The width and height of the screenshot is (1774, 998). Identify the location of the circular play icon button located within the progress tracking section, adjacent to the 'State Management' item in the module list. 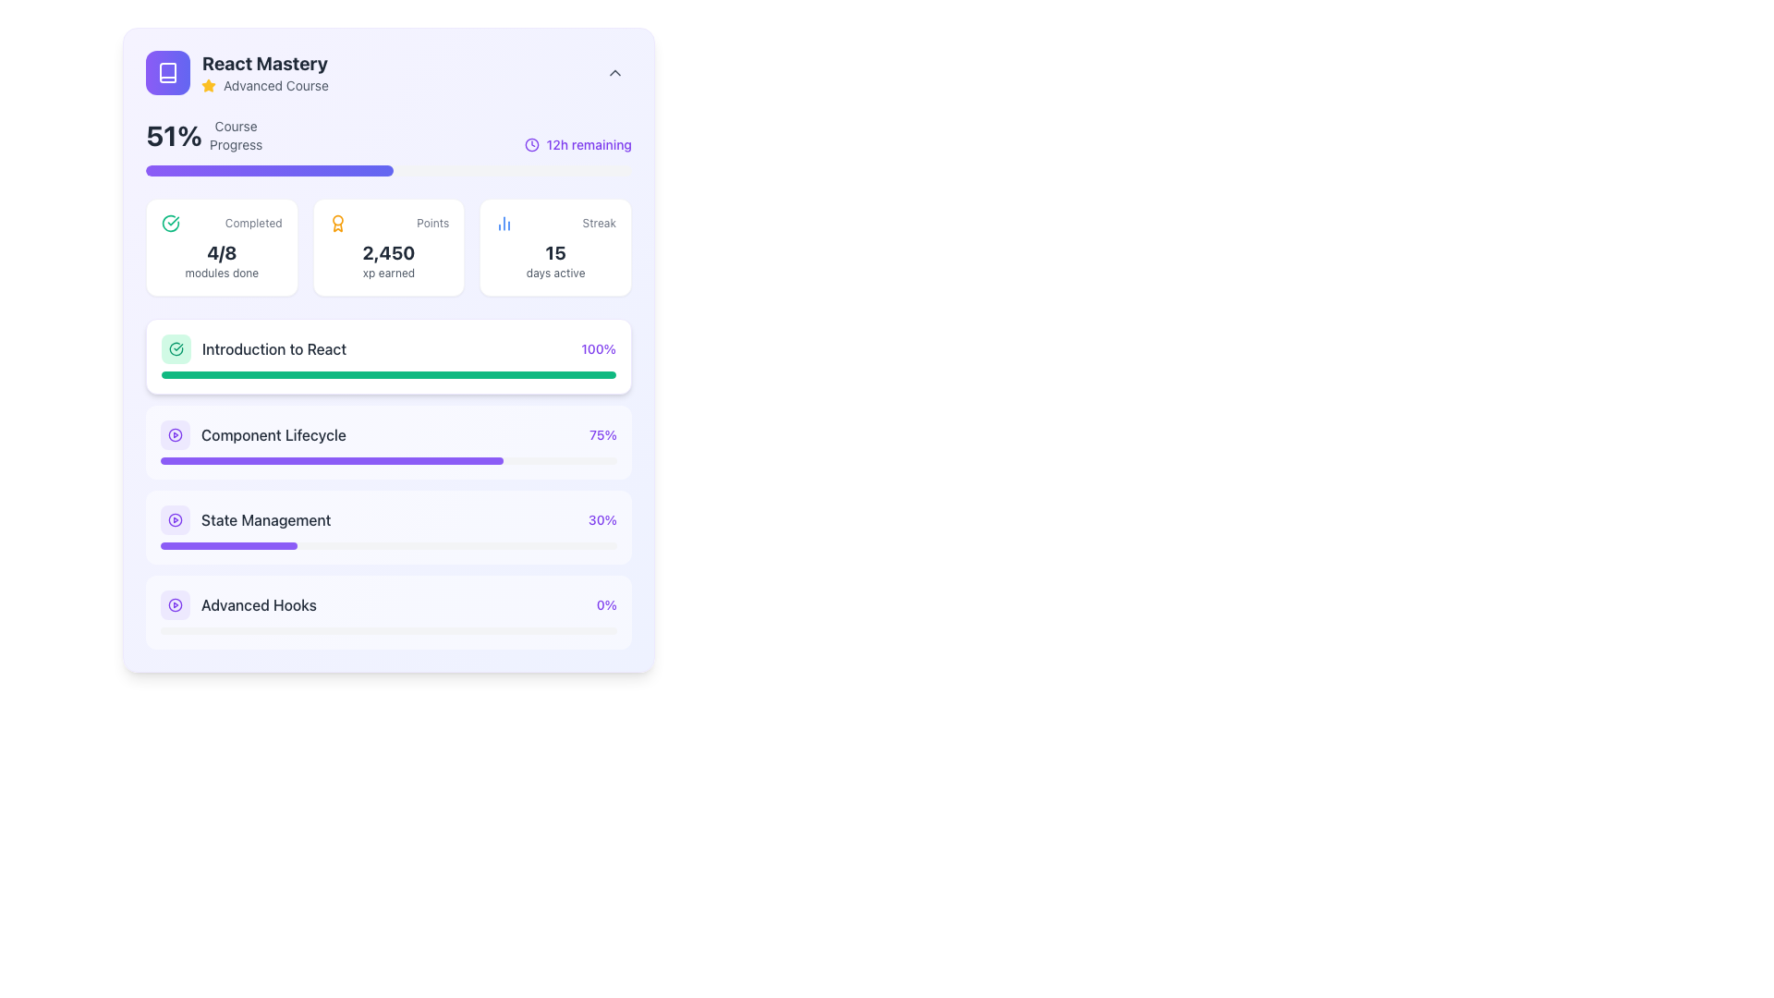
(176, 434).